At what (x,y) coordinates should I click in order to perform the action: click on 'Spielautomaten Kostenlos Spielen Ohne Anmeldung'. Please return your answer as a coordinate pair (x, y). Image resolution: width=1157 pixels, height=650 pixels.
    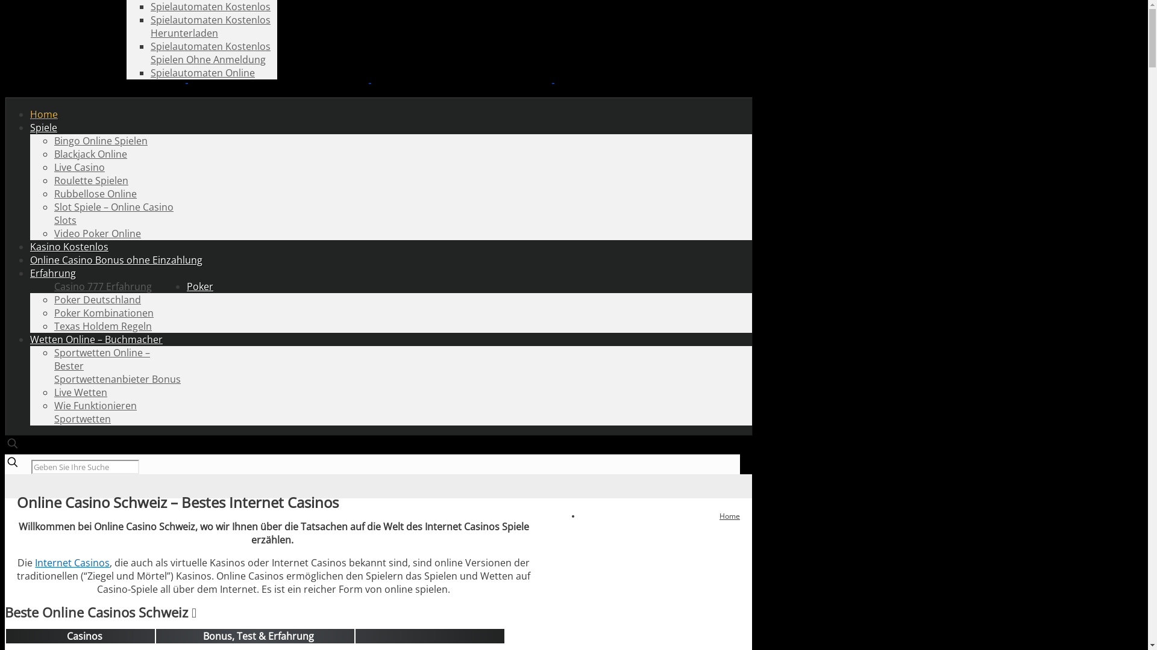
    Looking at the image, I should click on (149, 52).